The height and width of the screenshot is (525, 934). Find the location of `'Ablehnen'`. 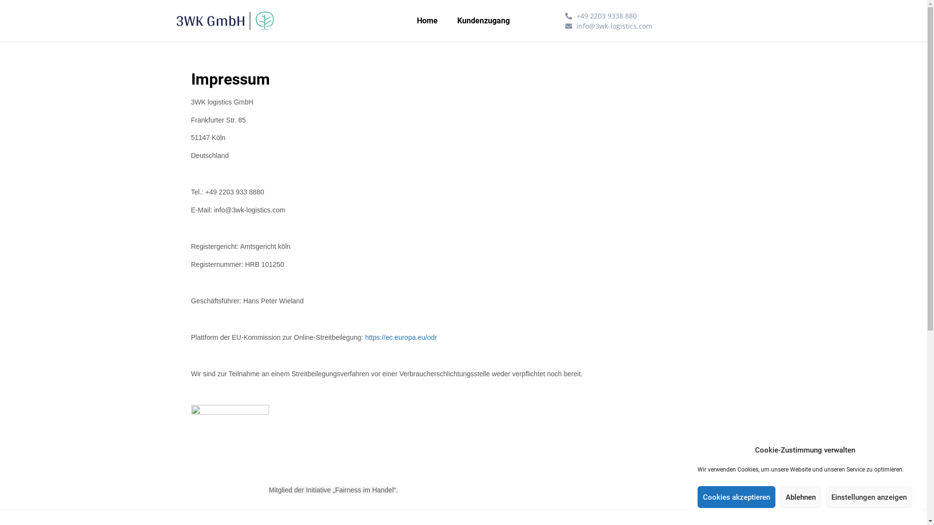

'Ablehnen' is located at coordinates (801, 497).